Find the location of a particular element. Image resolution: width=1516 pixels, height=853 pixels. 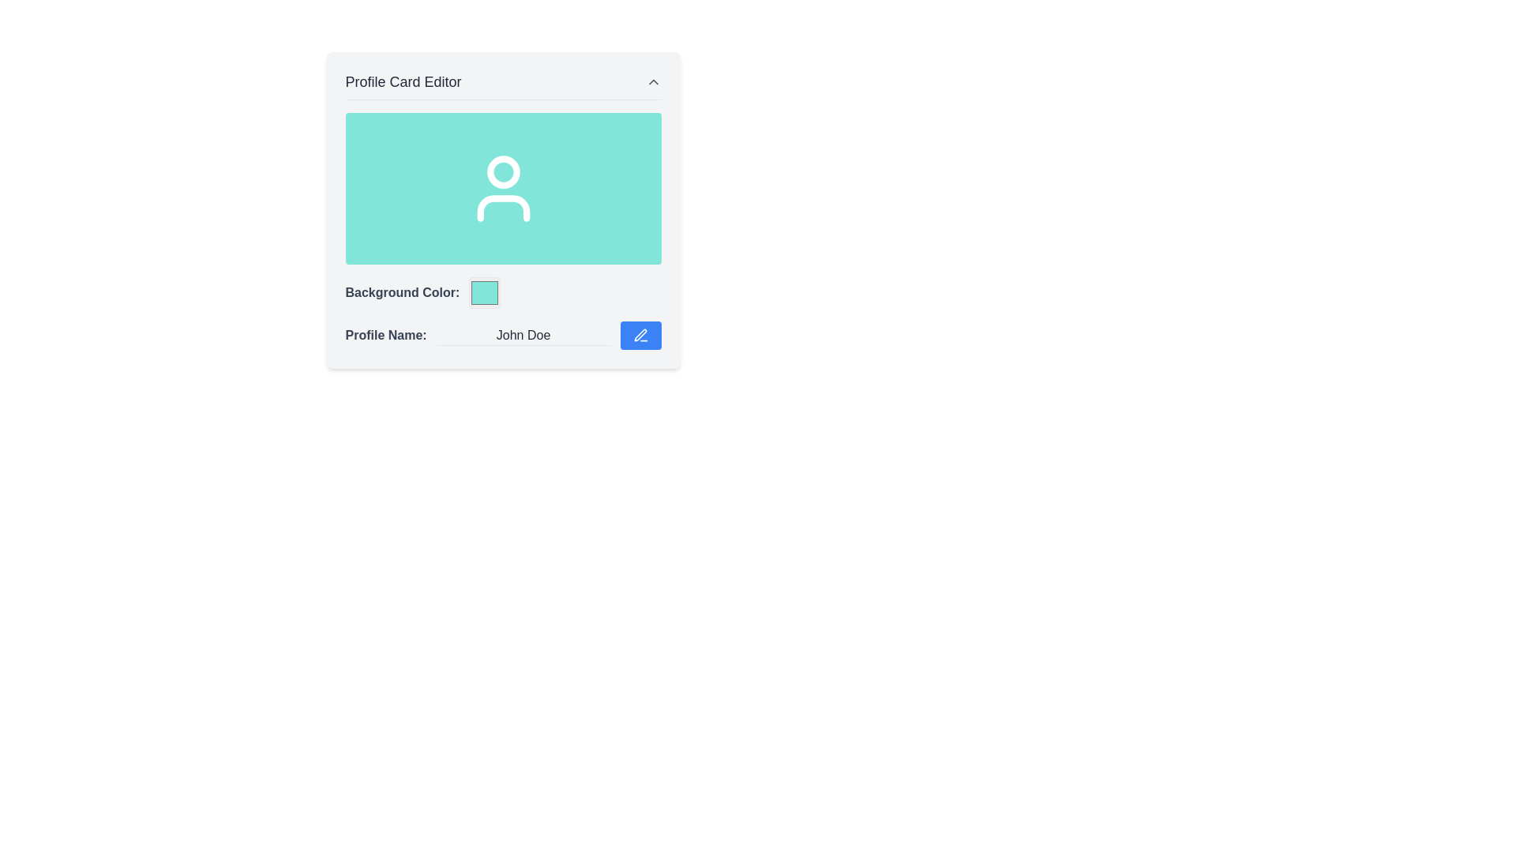

the circular graphical element (user profile icon) displayed at the top center of the 'Profile Card Editor' section, which is solid teal in color and has no borders is located at coordinates (502, 172).